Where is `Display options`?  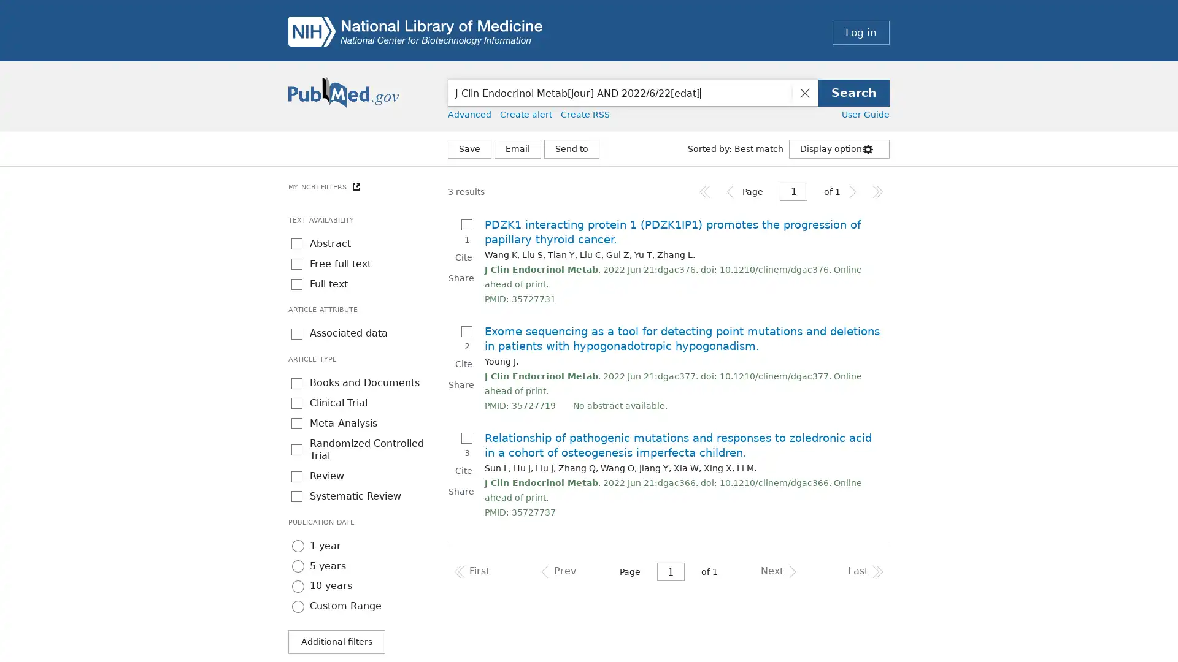 Display options is located at coordinates (839, 148).